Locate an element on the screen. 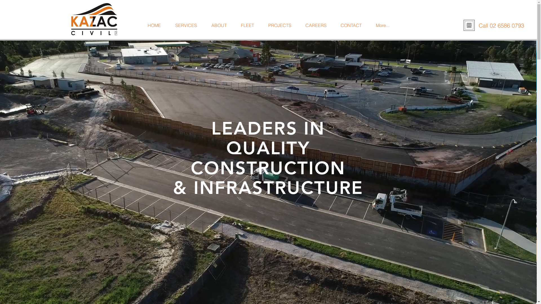  'SERVICES' is located at coordinates (186, 25).